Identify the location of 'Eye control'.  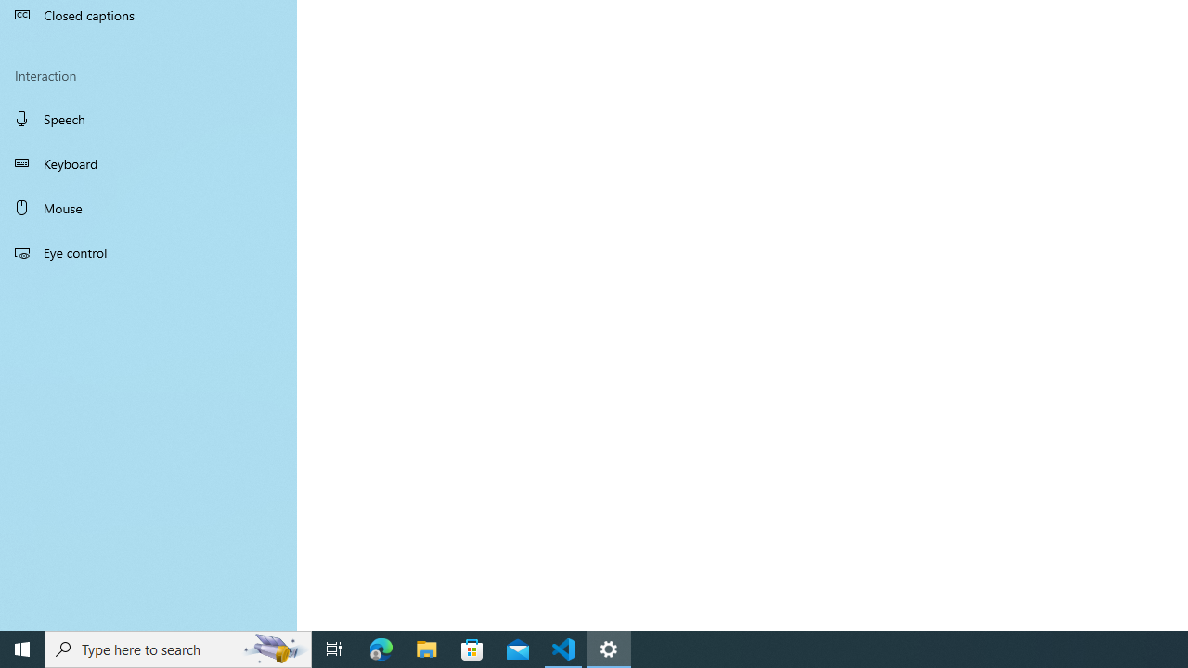
(148, 251).